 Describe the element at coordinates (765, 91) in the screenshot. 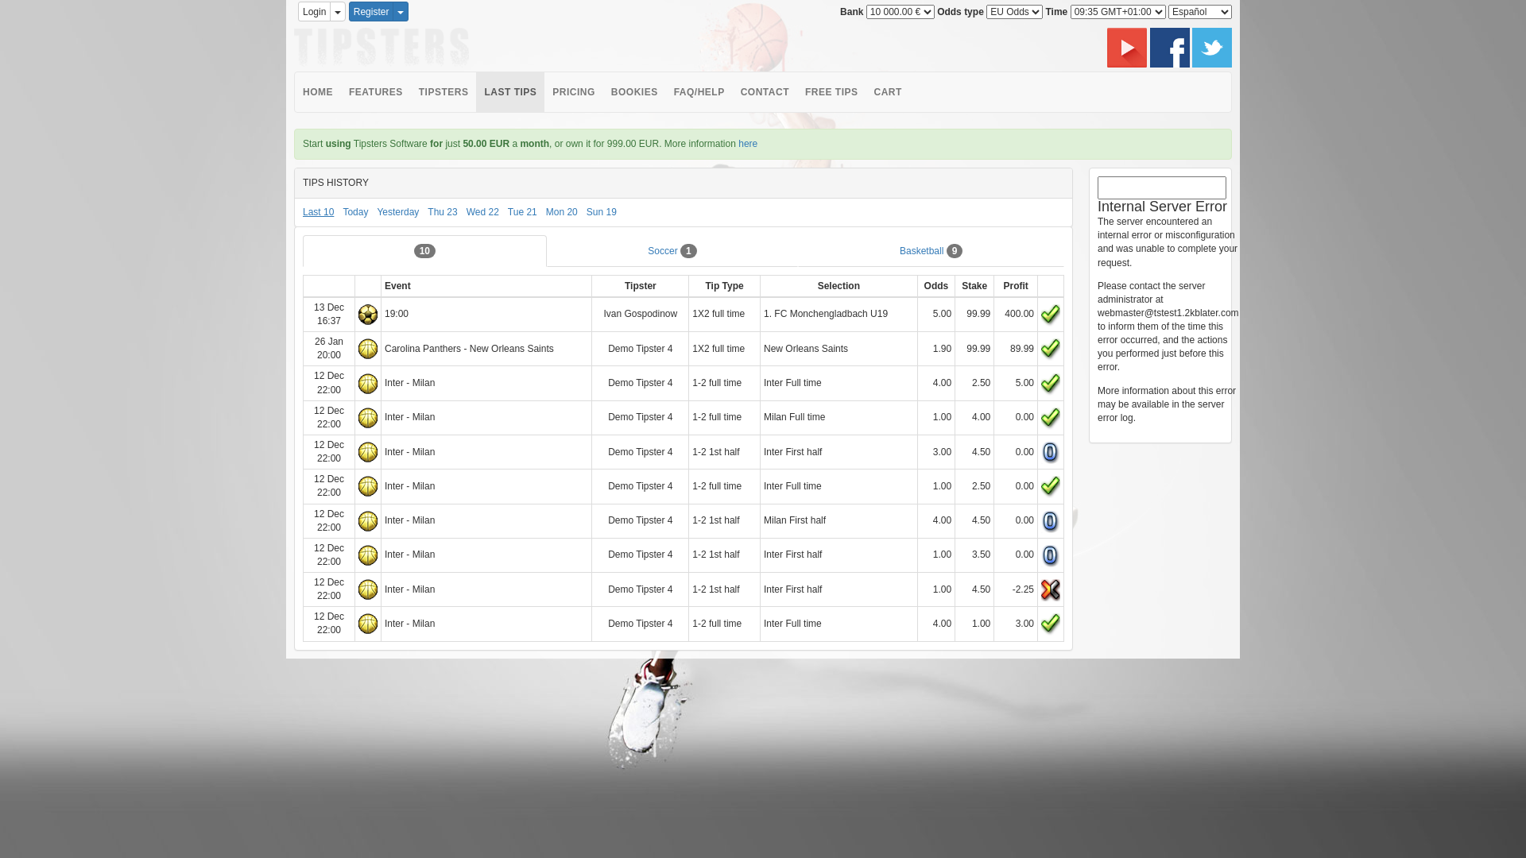

I see `'CONTACT'` at that location.